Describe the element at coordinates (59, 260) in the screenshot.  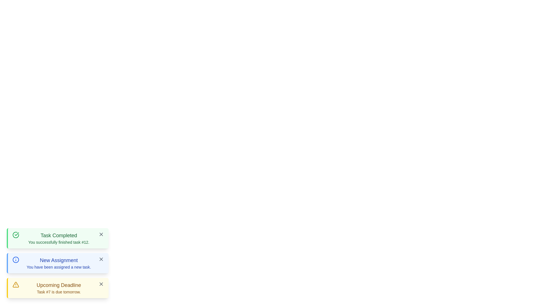
I see `the Text Label that serves as the heading for the second notification box, which summarizes the notification content and is positioned above the text 'You have been assigned a new task.'` at that location.